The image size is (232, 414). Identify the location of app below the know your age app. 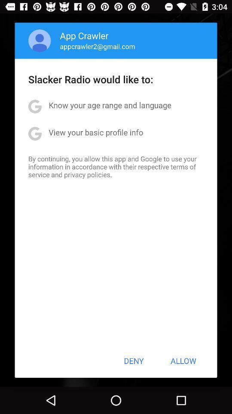
(95, 132).